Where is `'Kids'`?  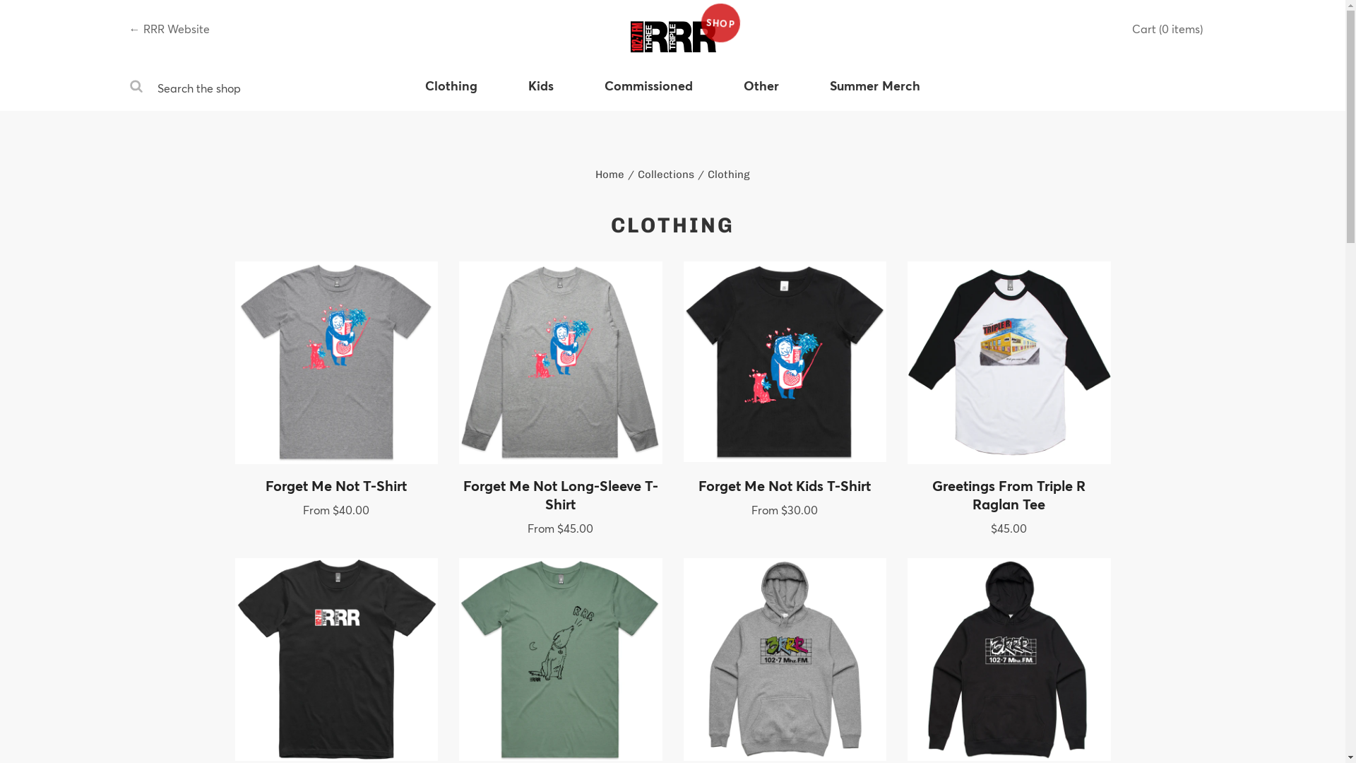 'Kids' is located at coordinates (540, 93).